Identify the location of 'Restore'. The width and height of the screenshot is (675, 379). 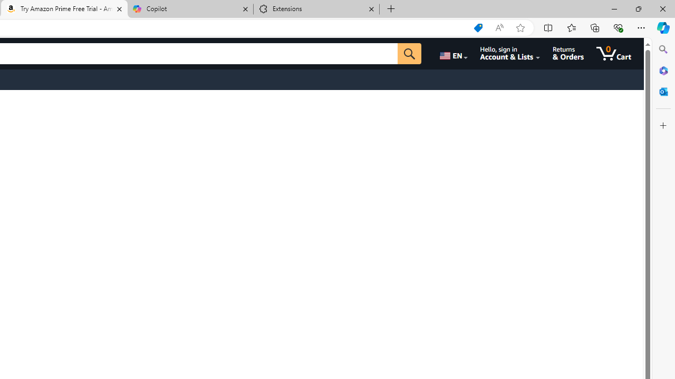
(638, 8).